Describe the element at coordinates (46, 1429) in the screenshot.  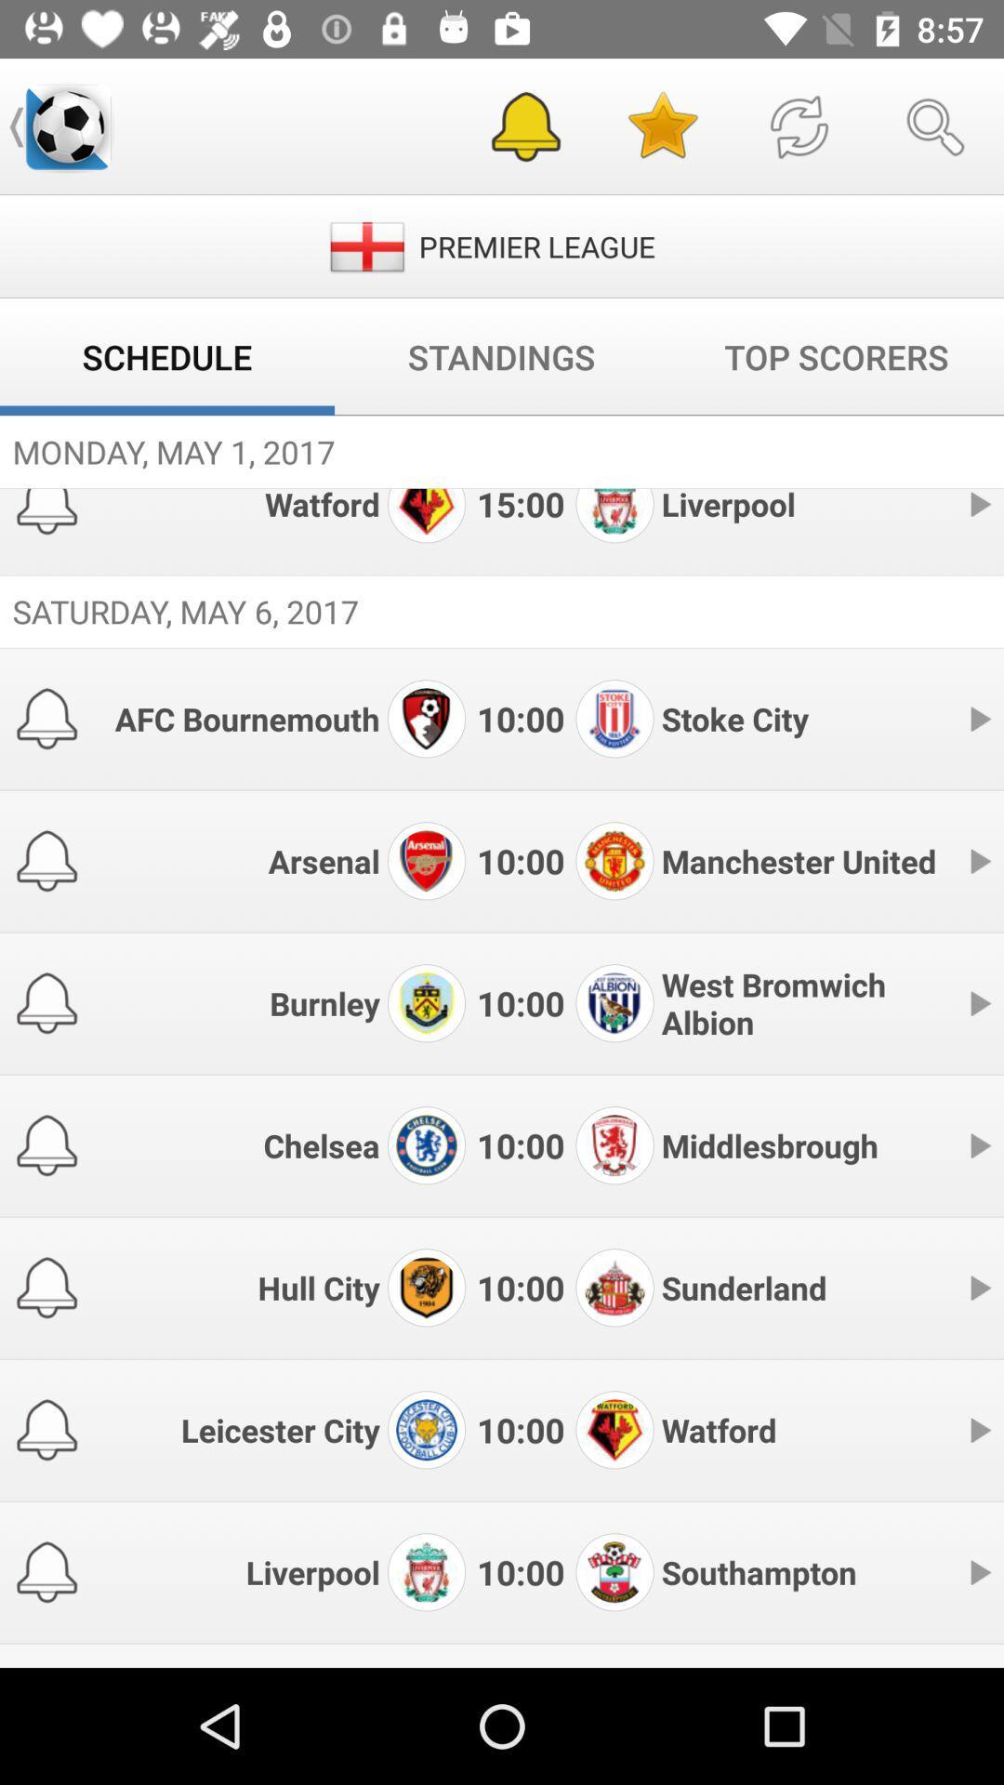
I see `the bell icon which is left side of the leicester city` at that location.